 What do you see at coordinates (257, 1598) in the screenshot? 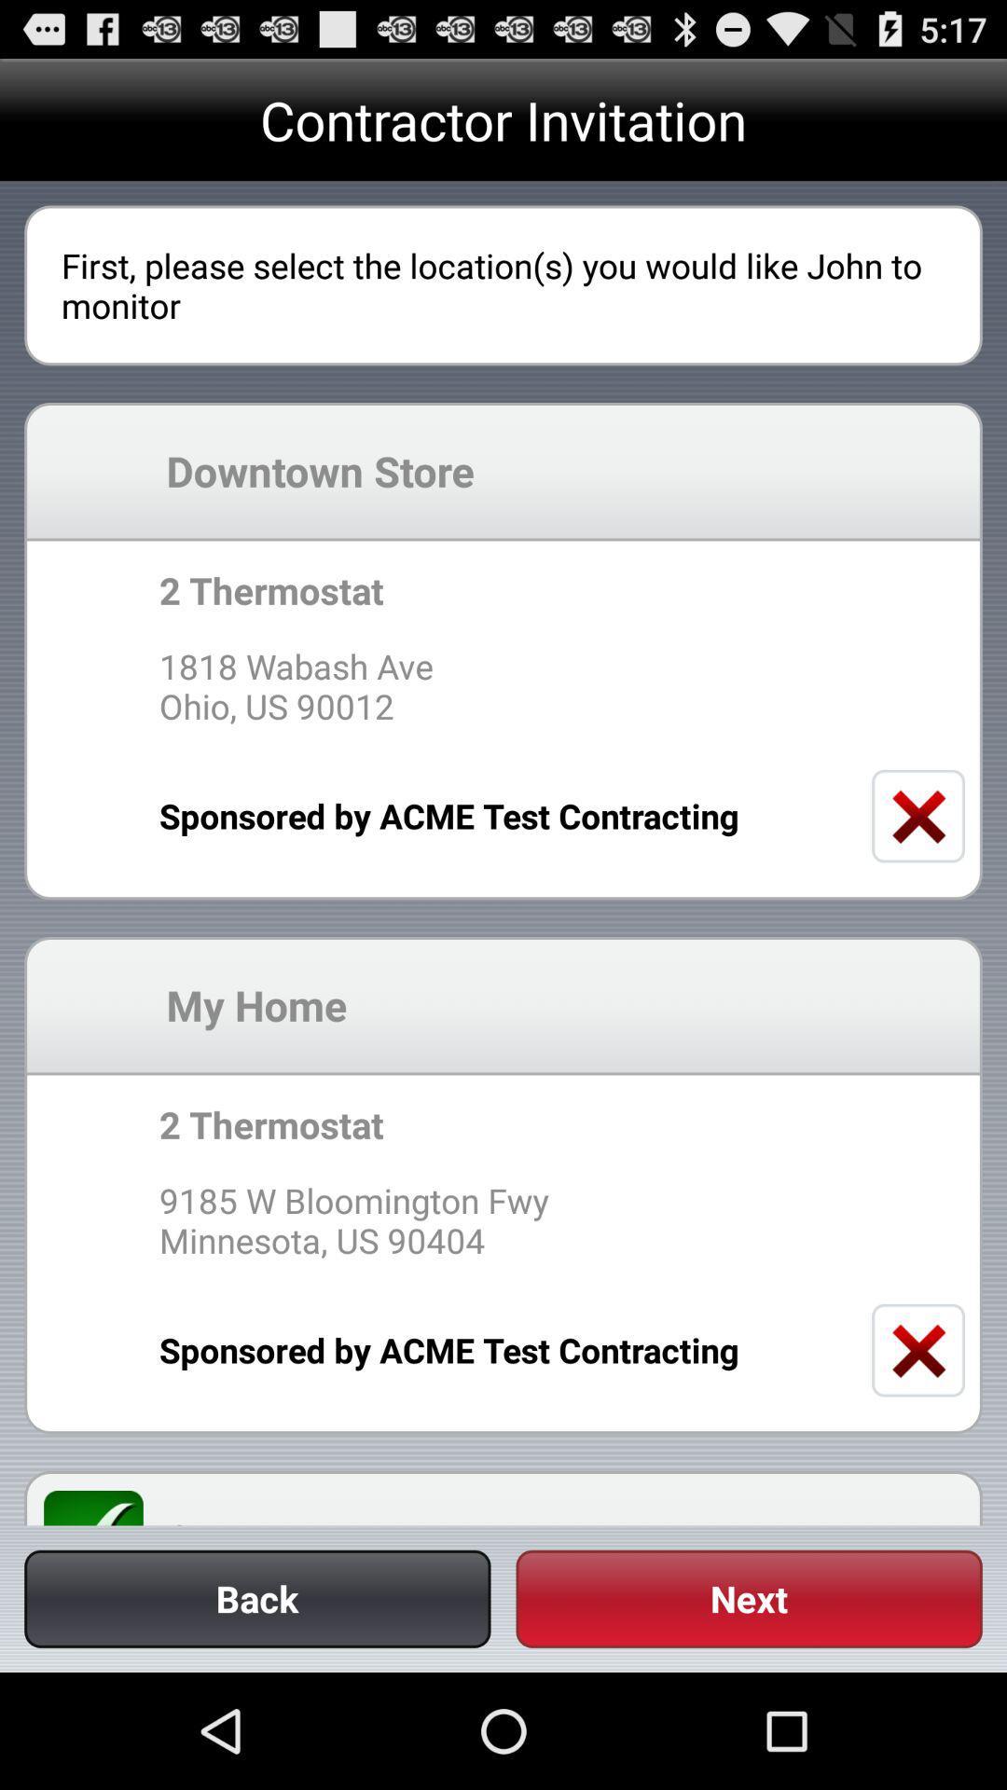
I see `back` at bounding box center [257, 1598].